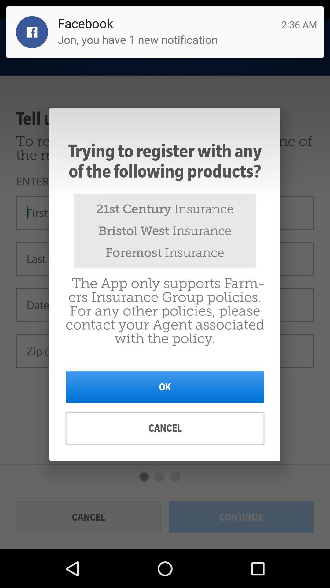 The width and height of the screenshot is (330, 588). I want to click on icon above cancel item, so click(165, 386).